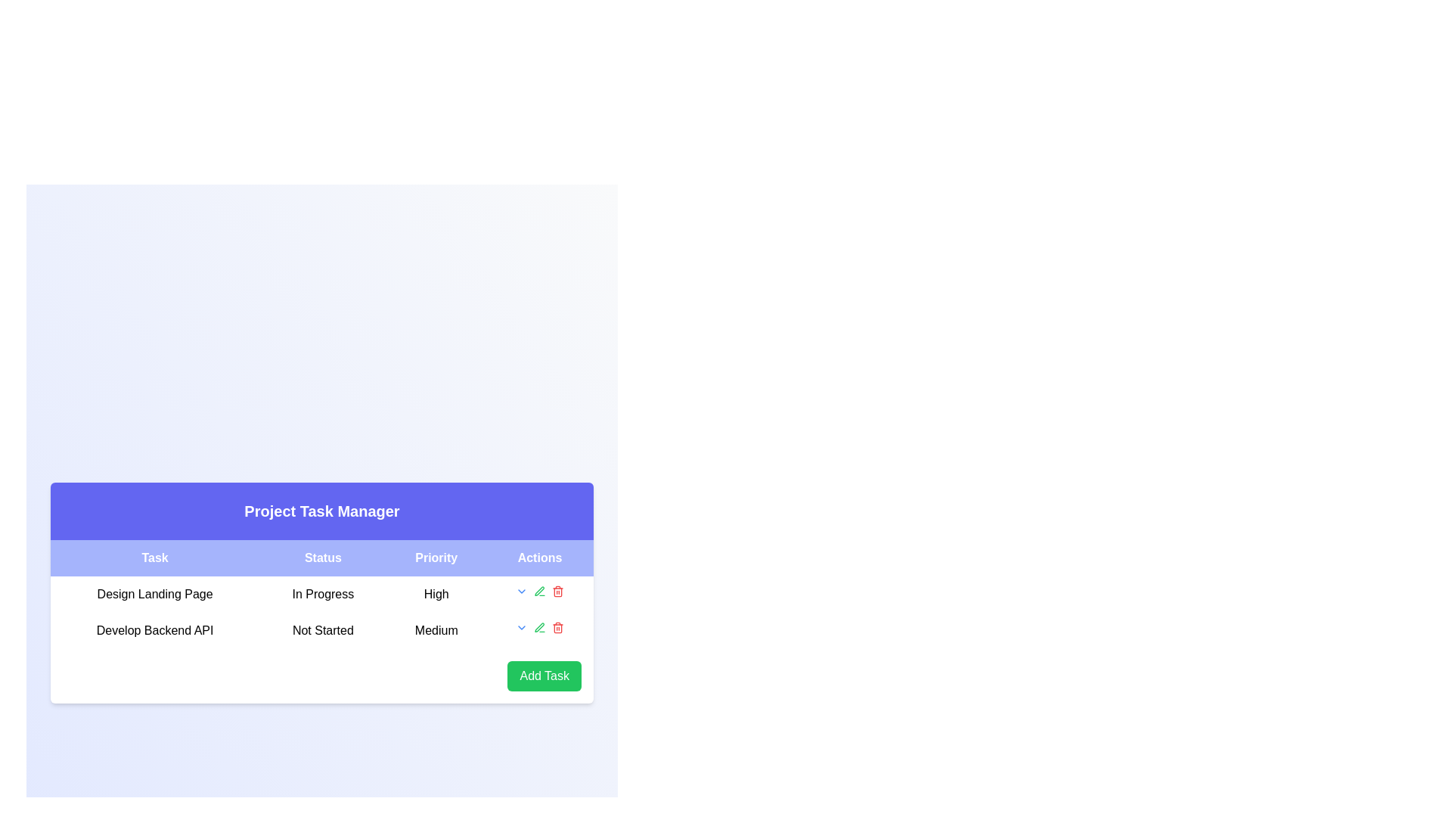 The image size is (1452, 817). Describe the element at coordinates (540, 591) in the screenshot. I see `the interactive pen icon in the second row under the 'Actions' column` at that location.